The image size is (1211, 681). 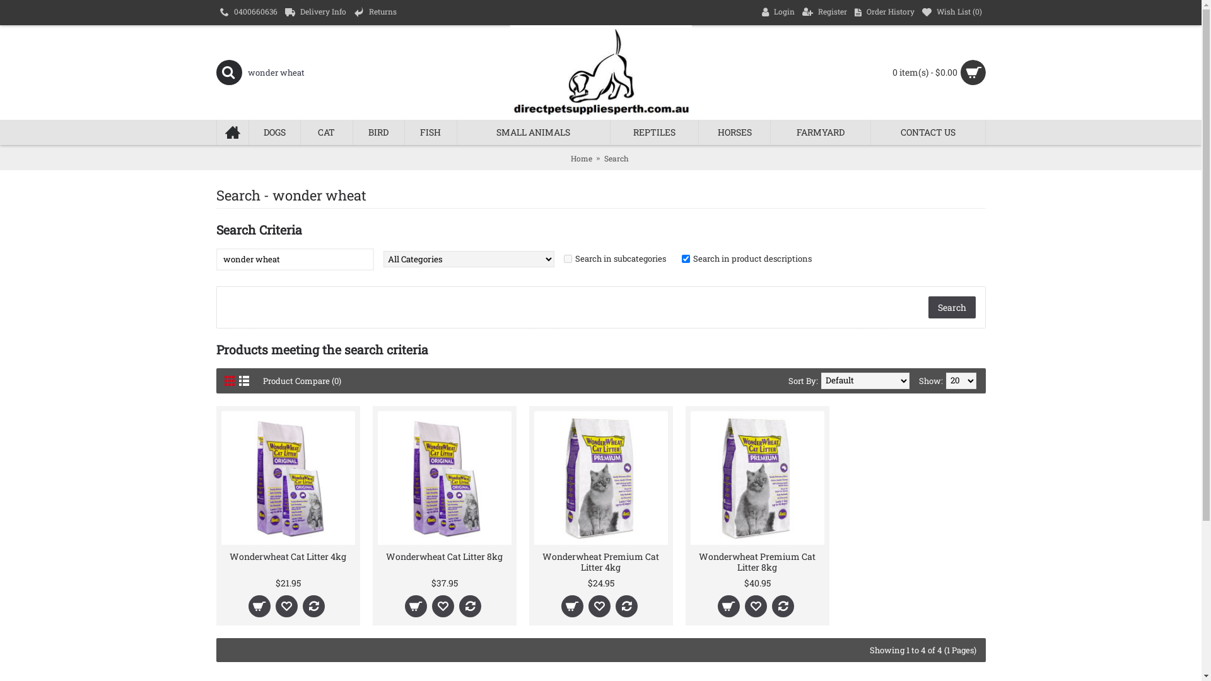 I want to click on 'Order History', so click(x=850, y=12).